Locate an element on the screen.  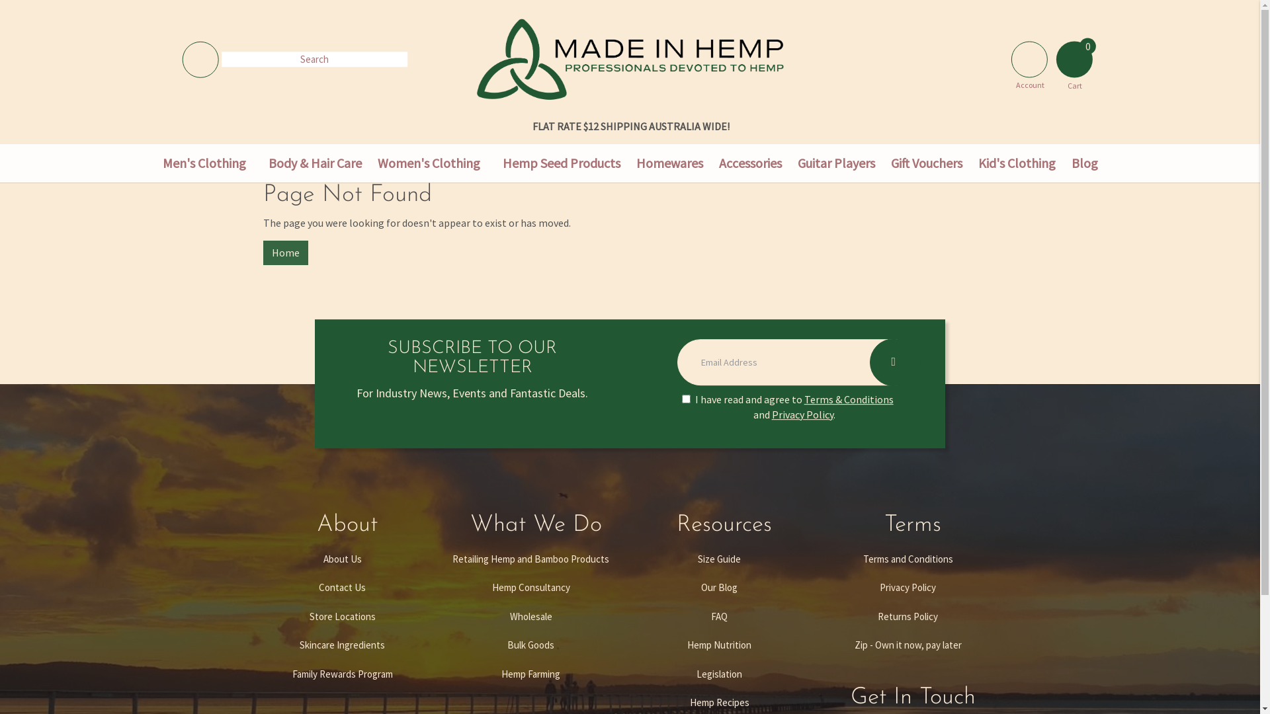
'Family Rewards Program' is located at coordinates (342, 674).